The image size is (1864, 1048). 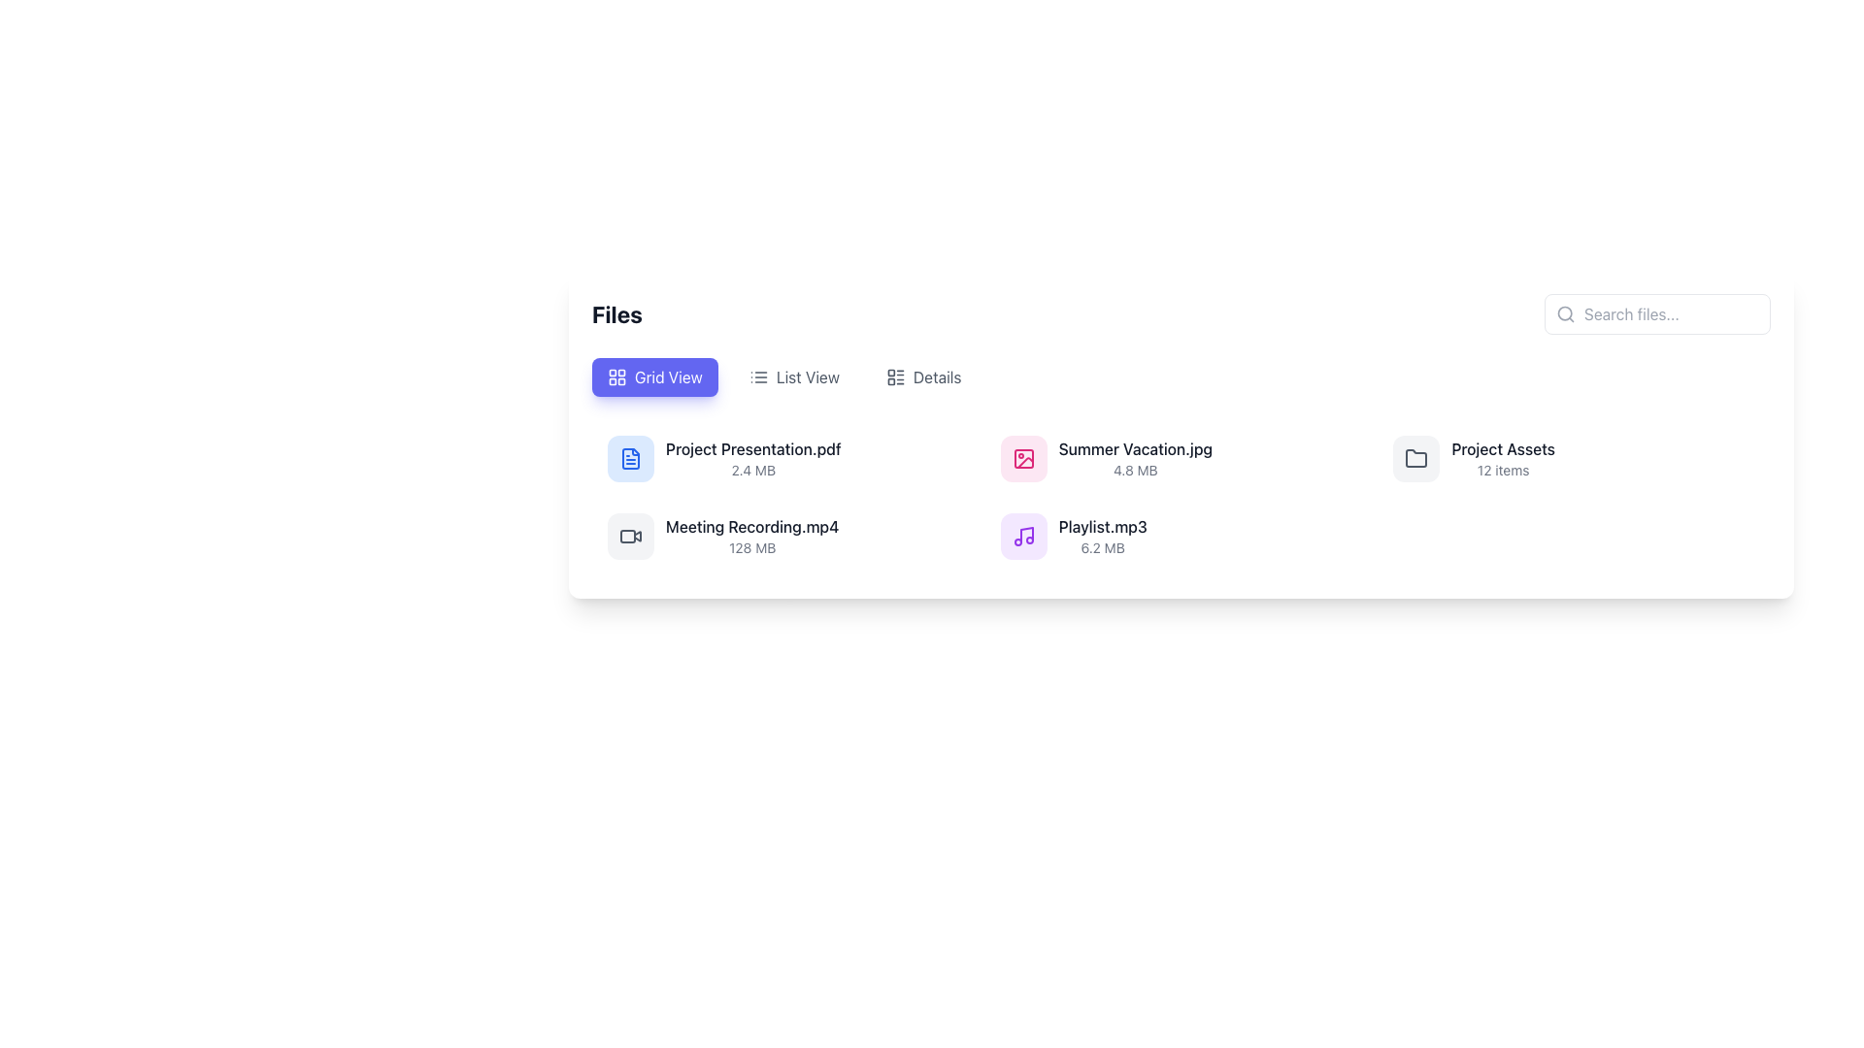 What do you see at coordinates (1135, 471) in the screenshot?
I see `the Text Label that displays the size of the file 'Summer Vacation.jpg', which is located in the second column of the grid, beneath the file icon and title` at bounding box center [1135, 471].